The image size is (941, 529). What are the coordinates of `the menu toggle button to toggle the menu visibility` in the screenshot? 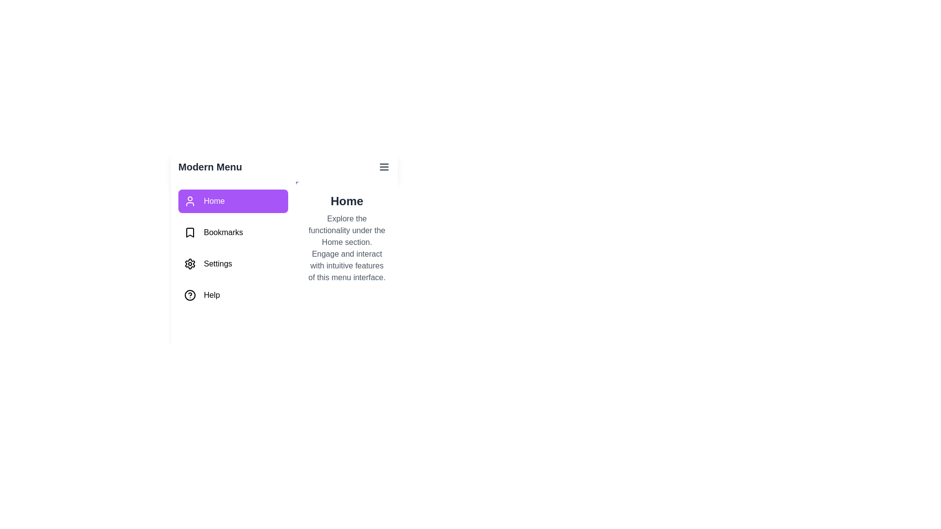 It's located at (383, 166).